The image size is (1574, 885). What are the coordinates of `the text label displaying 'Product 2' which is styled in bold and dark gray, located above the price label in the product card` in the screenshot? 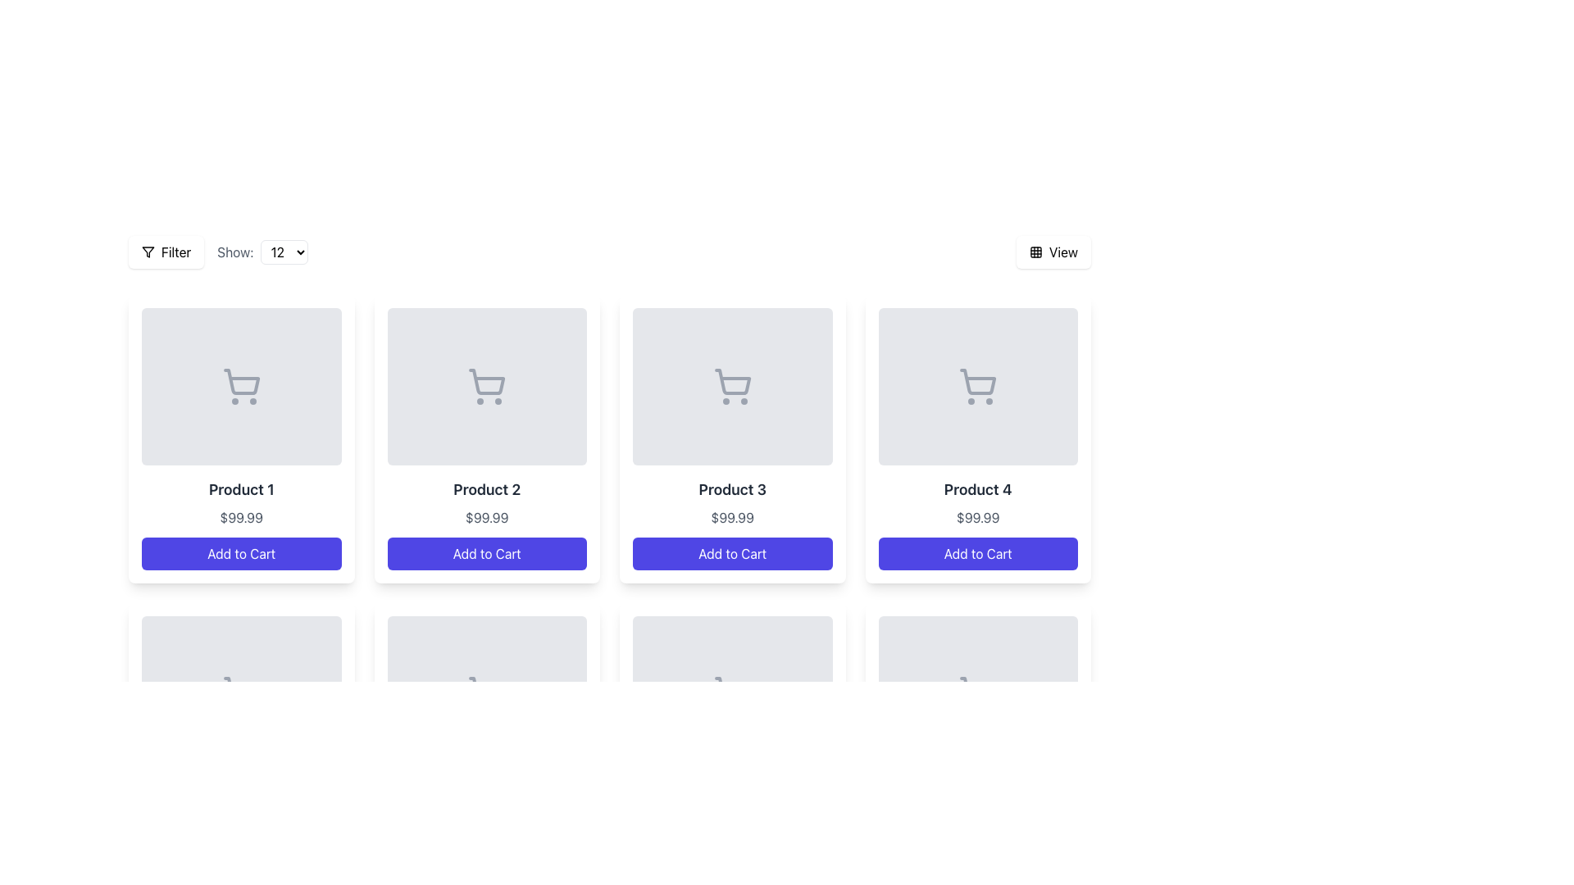 It's located at (486, 488).